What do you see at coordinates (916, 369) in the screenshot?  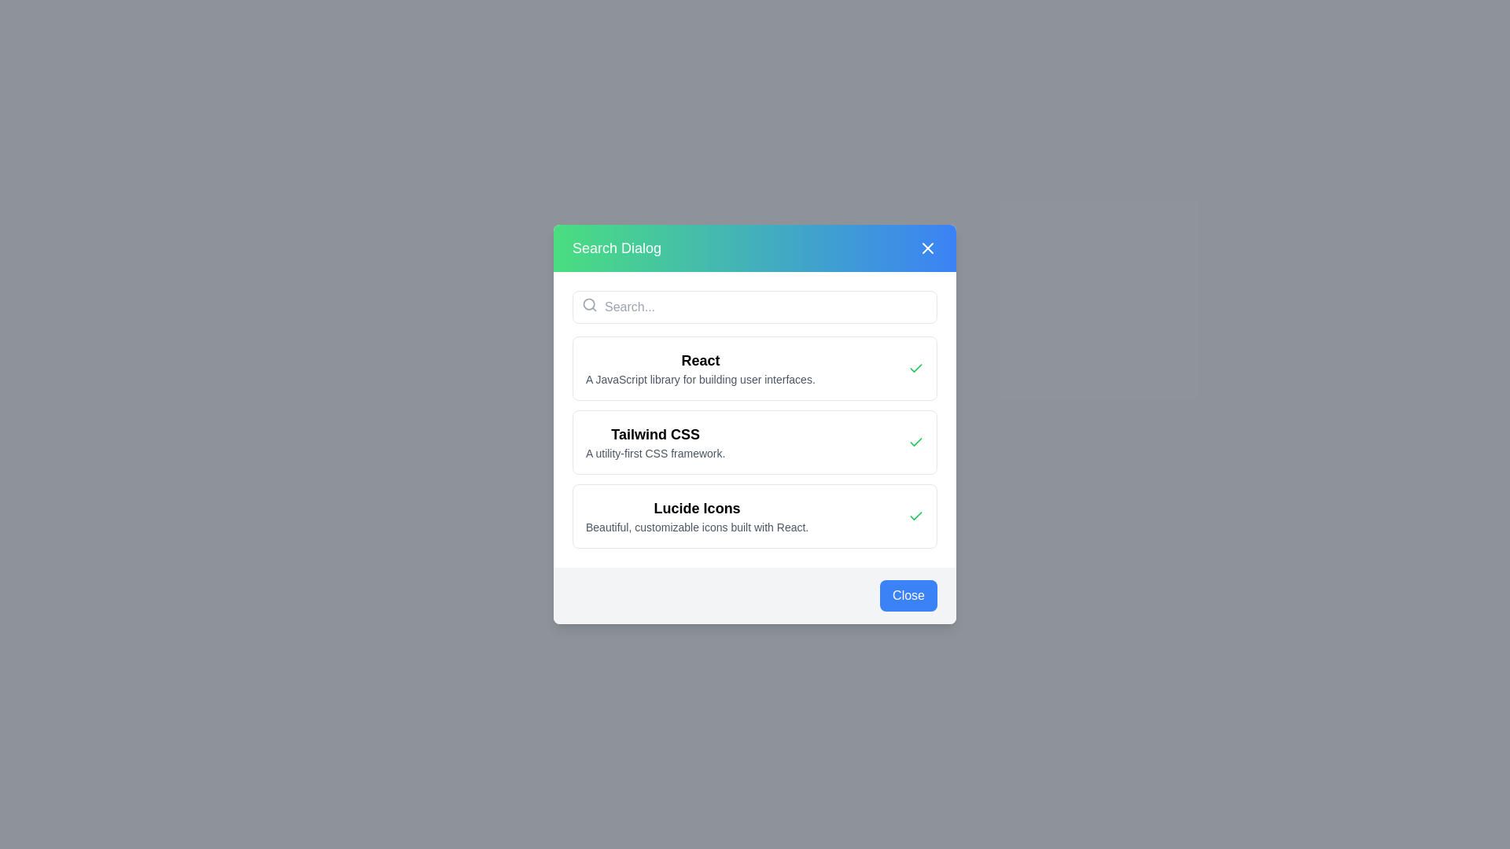 I see `the green checkmark icon, which is a confirmation indicator located to the right of the 'React' text header` at bounding box center [916, 369].